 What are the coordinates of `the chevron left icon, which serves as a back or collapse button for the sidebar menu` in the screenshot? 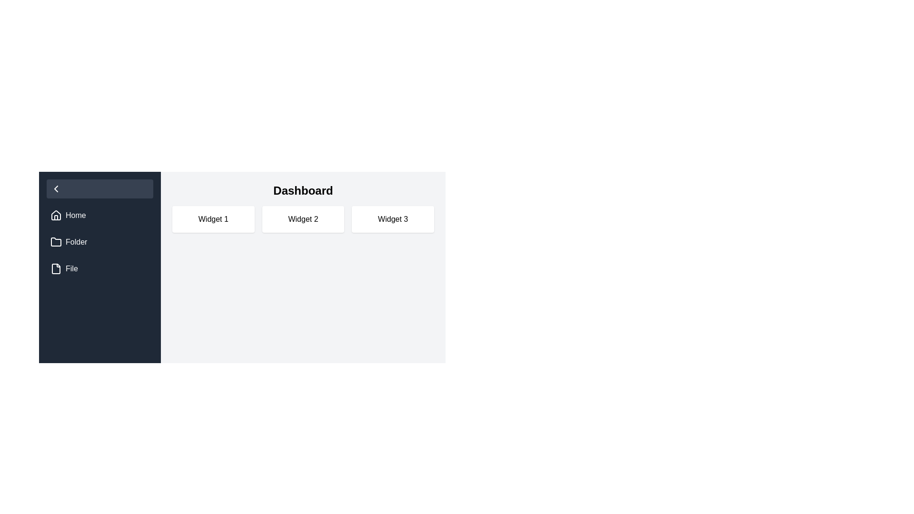 It's located at (56, 189).